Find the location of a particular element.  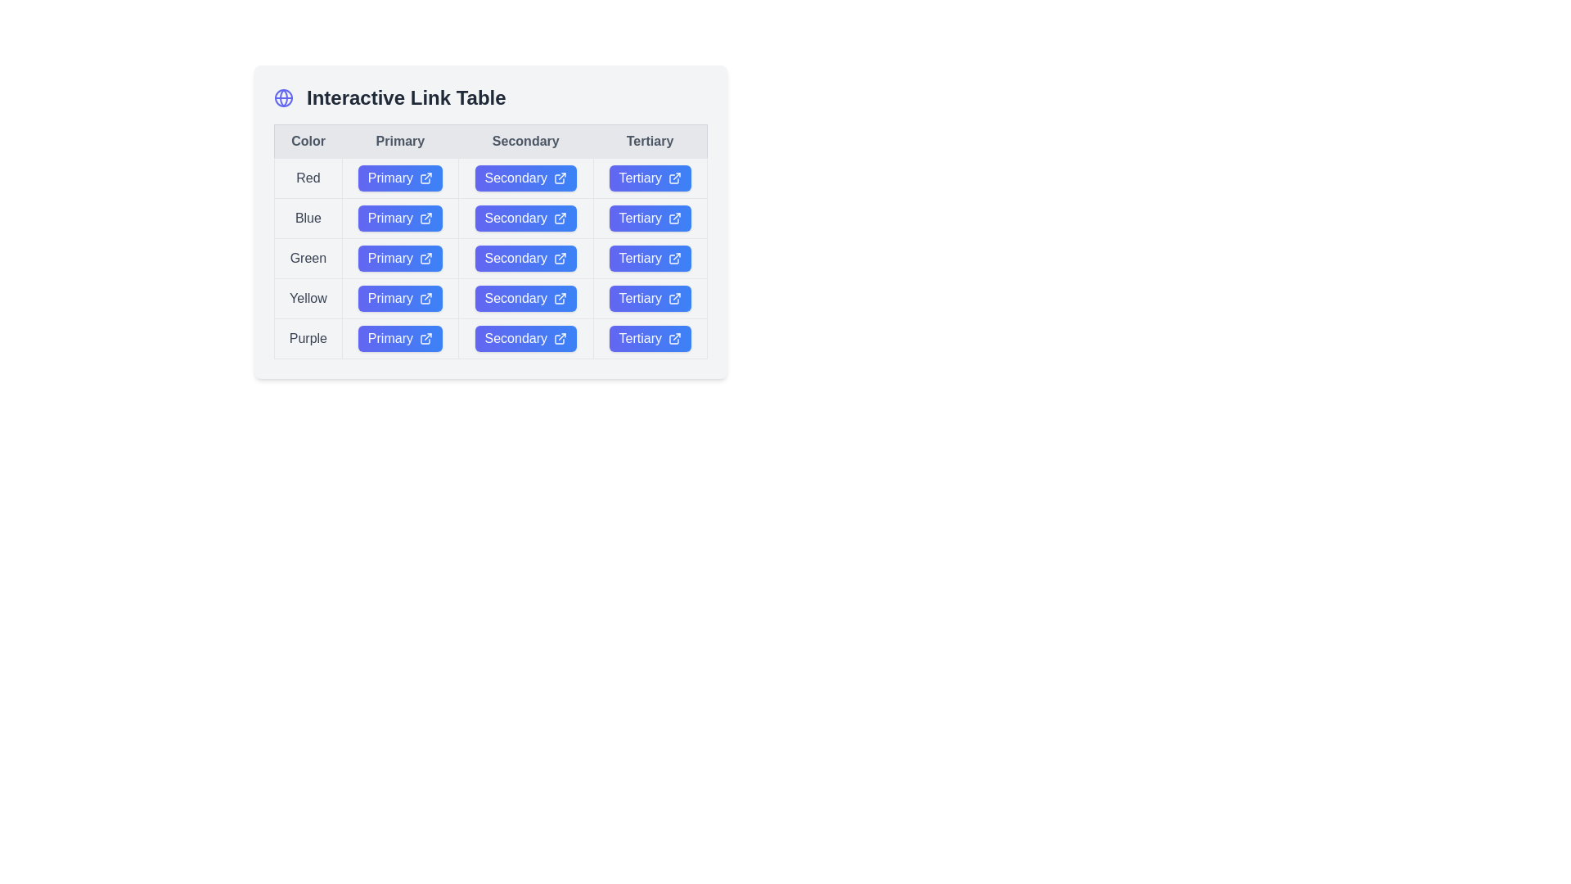

the external link icon located within the 'Primary' button in the Yellow row under the 'Primary' column in the table is located at coordinates (425, 299).